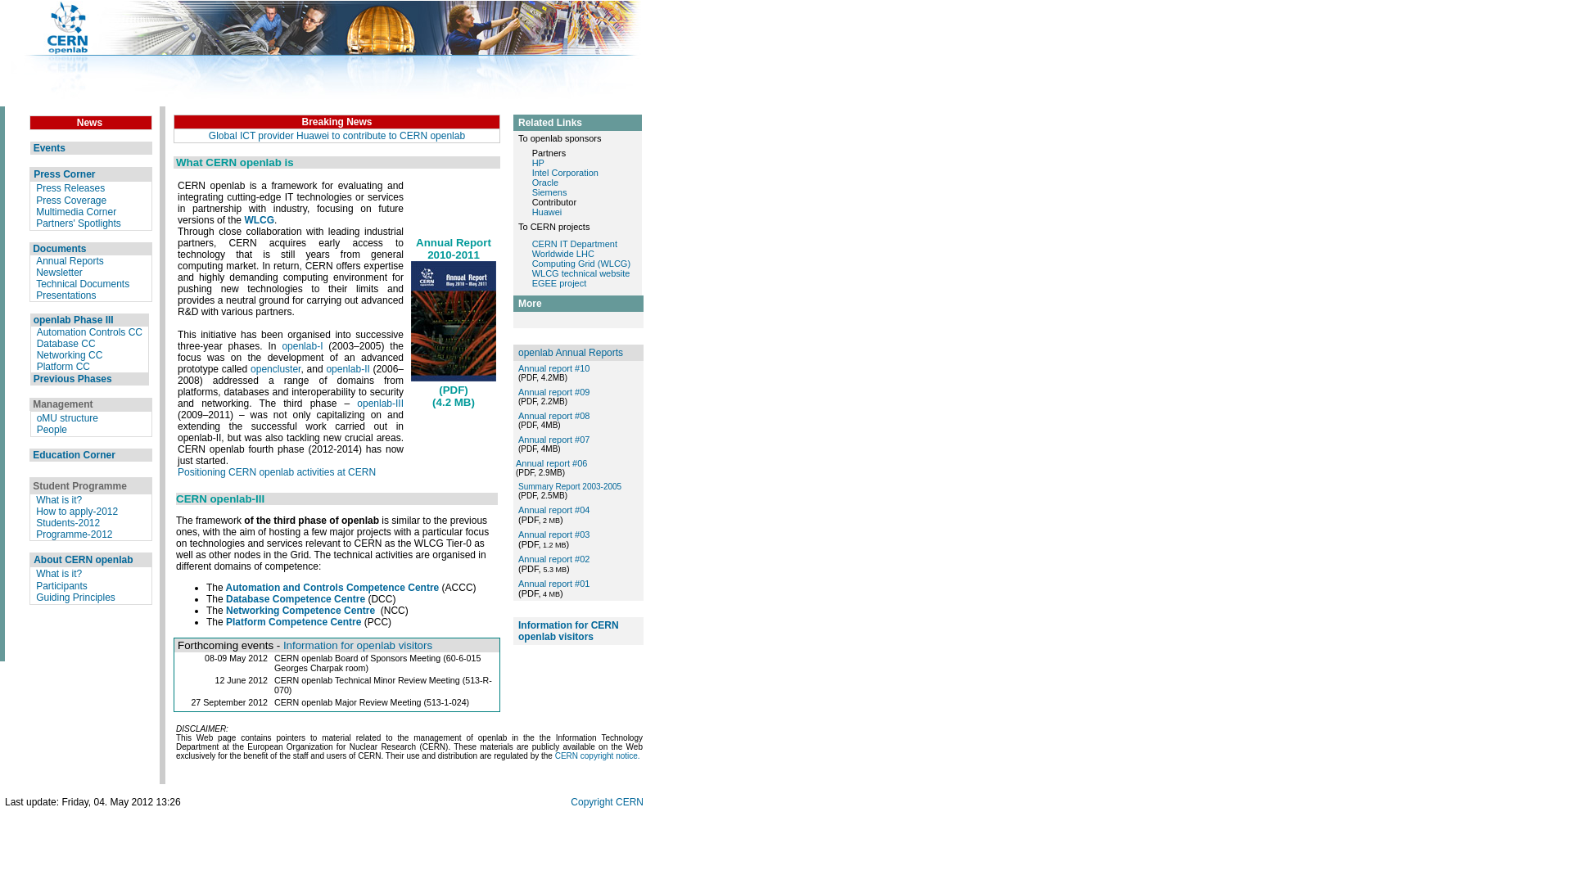  Describe the element at coordinates (66, 417) in the screenshot. I see `'oMU structure'` at that location.